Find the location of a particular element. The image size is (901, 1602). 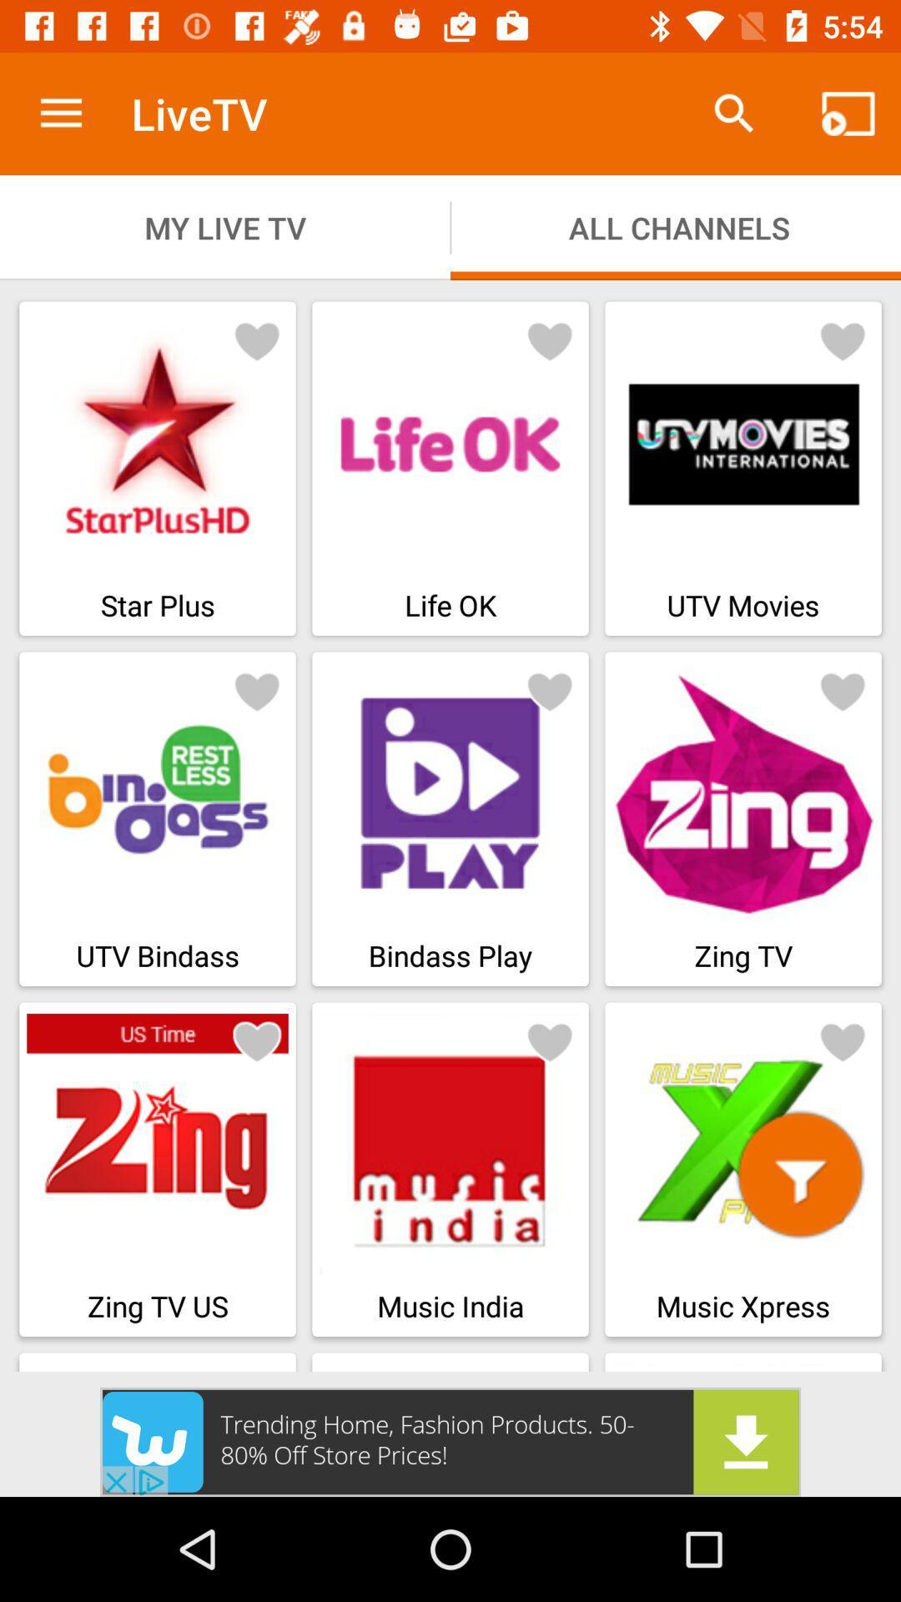

like is located at coordinates (550, 1040).